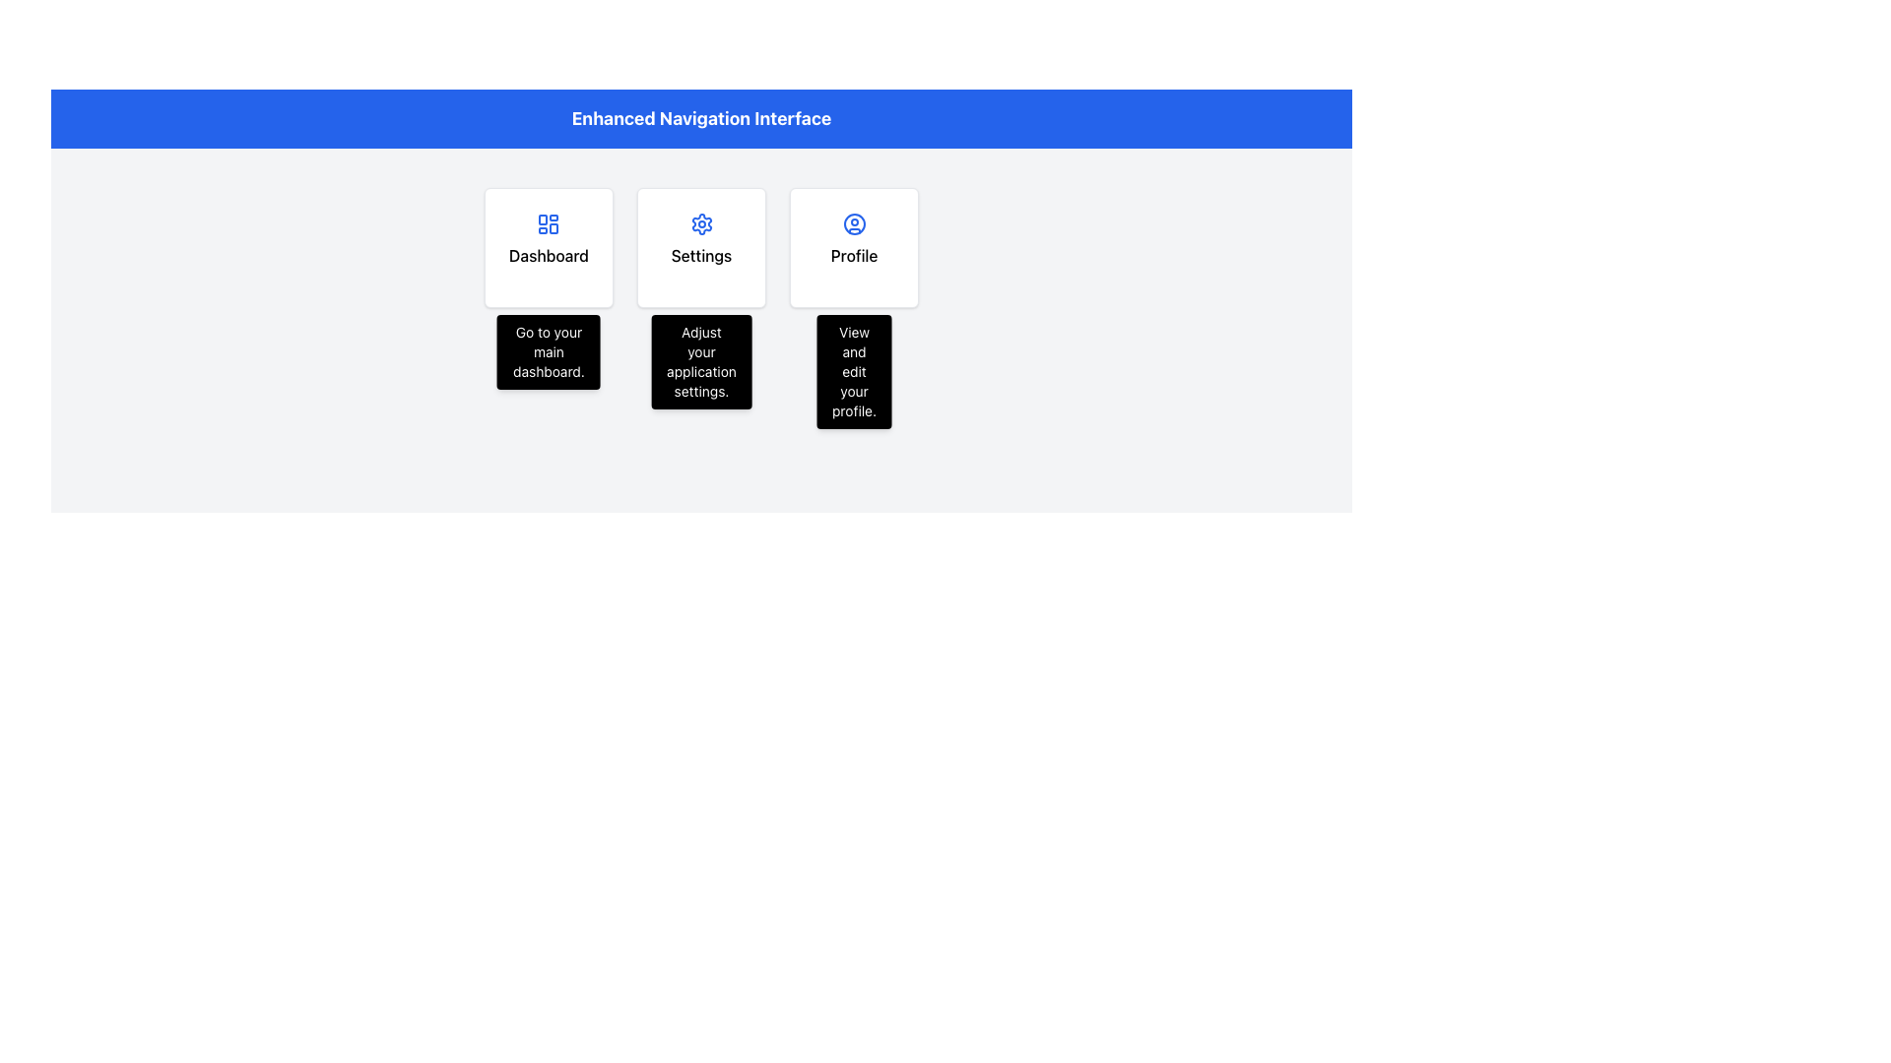 The height and width of the screenshot is (1063, 1891). What do you see at coordinates (544, 219) in the screenshot?
I see `the upper-left rectangle of the Dashboard icon, which is part of a graphical representation for user understanding` at bounding box center [544, 219].